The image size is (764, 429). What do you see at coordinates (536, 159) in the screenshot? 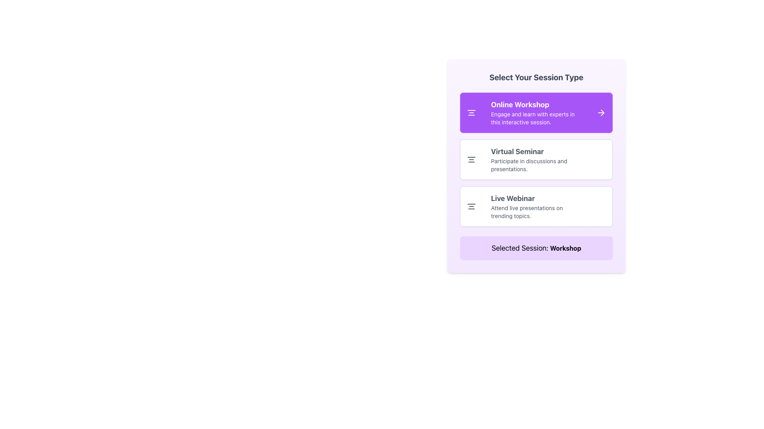
I see `one of the options in the interactive session selection menu located below the title 'Select Your Session Type'` at bounding box center [536, 159].